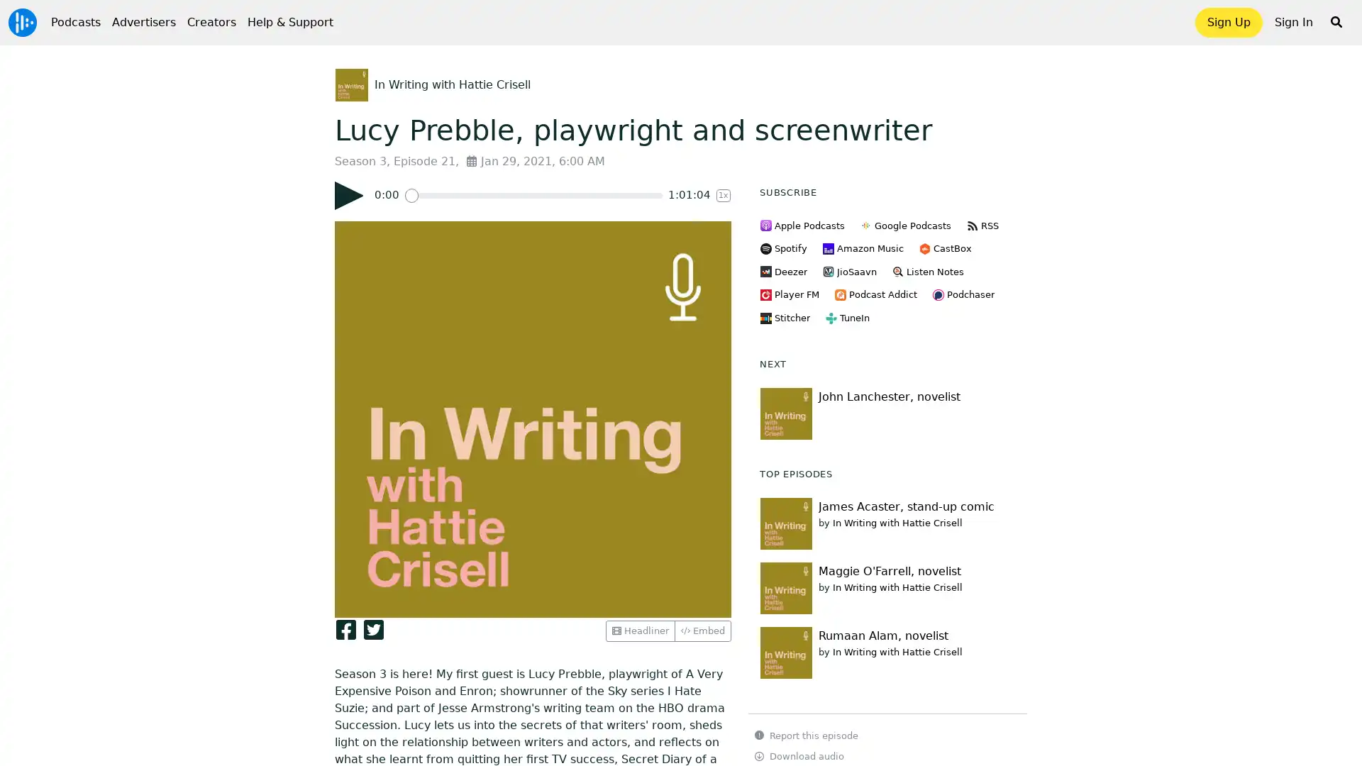  Describe the element at coordinates (1335, 22) in the screenshot. I see `Open search form` at that location.